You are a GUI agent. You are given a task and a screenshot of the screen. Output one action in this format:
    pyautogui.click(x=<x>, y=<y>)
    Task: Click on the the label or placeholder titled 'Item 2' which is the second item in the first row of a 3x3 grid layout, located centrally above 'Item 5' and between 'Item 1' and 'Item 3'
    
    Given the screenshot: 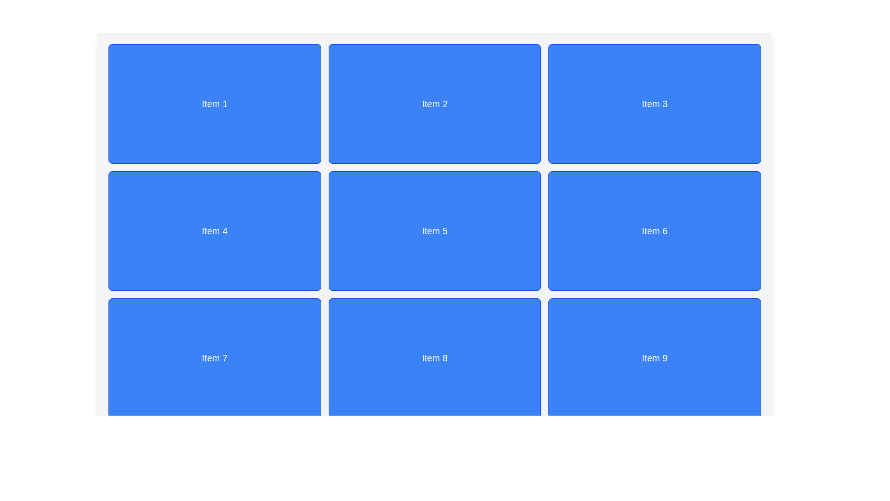 What is the action you would take?
    pyautogui.click(x=434, y=103)
    